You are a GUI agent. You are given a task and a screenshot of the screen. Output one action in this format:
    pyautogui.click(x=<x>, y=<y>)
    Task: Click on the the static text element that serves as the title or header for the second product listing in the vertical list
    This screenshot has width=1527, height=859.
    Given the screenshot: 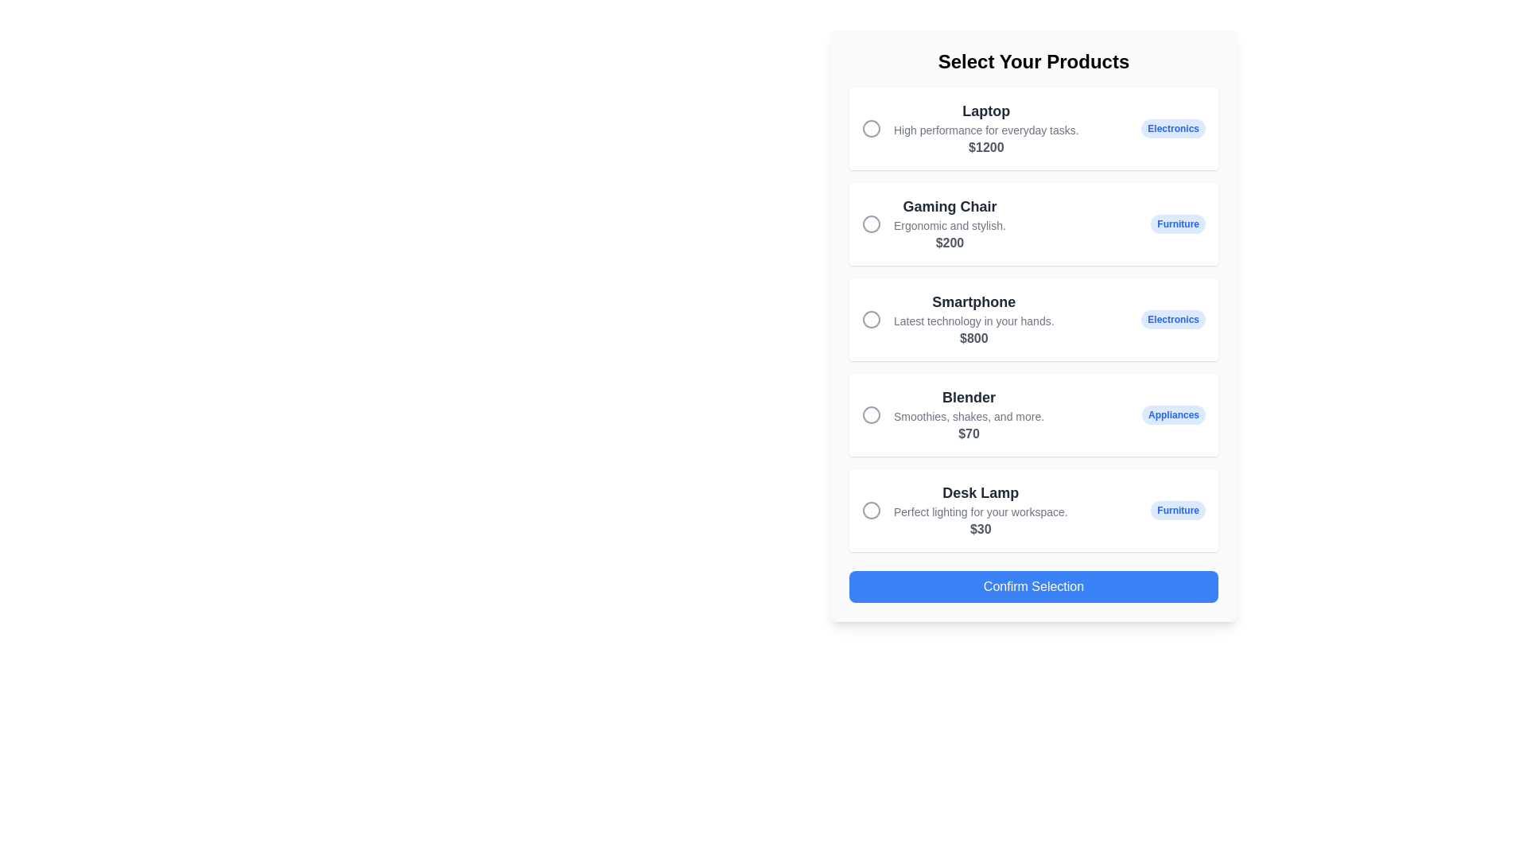 What is the action you would take?
    pyautogui.click(x=950, y=205)
    